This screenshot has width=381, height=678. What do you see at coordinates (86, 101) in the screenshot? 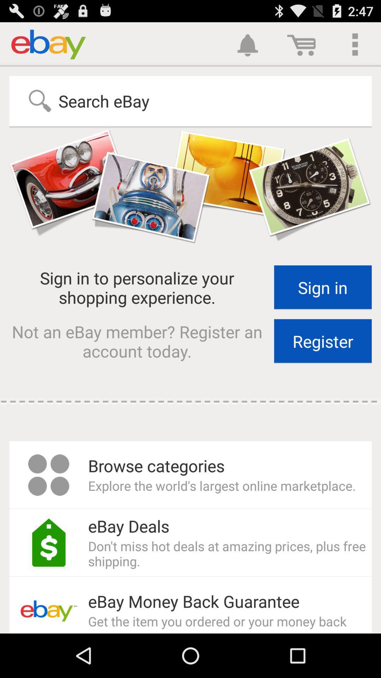
I see `search ebay item` at bounding box center [86, 101].